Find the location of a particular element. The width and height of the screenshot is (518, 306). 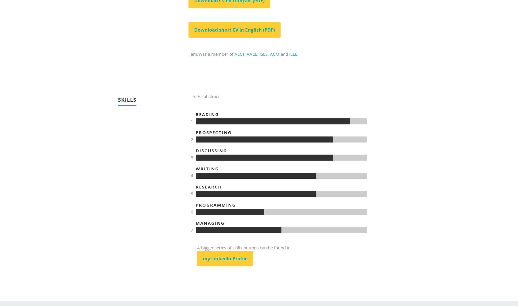

'ISLS' is located at coordinates (259, 53).